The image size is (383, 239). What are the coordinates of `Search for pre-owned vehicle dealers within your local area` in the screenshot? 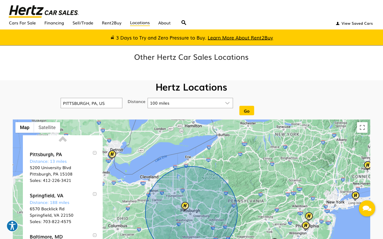 It's located at (184, 21).